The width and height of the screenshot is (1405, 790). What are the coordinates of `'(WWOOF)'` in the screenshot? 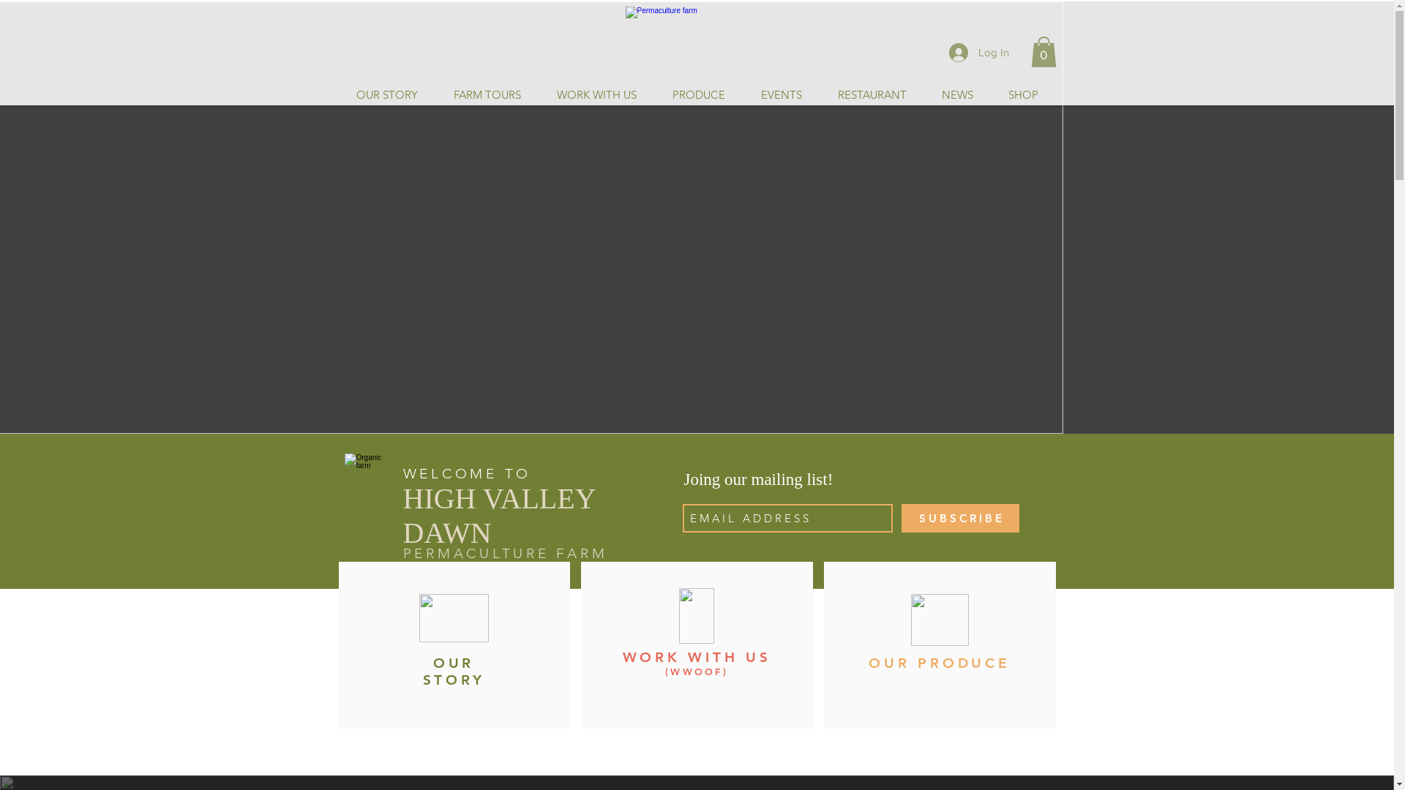 It's located at (695, 671).